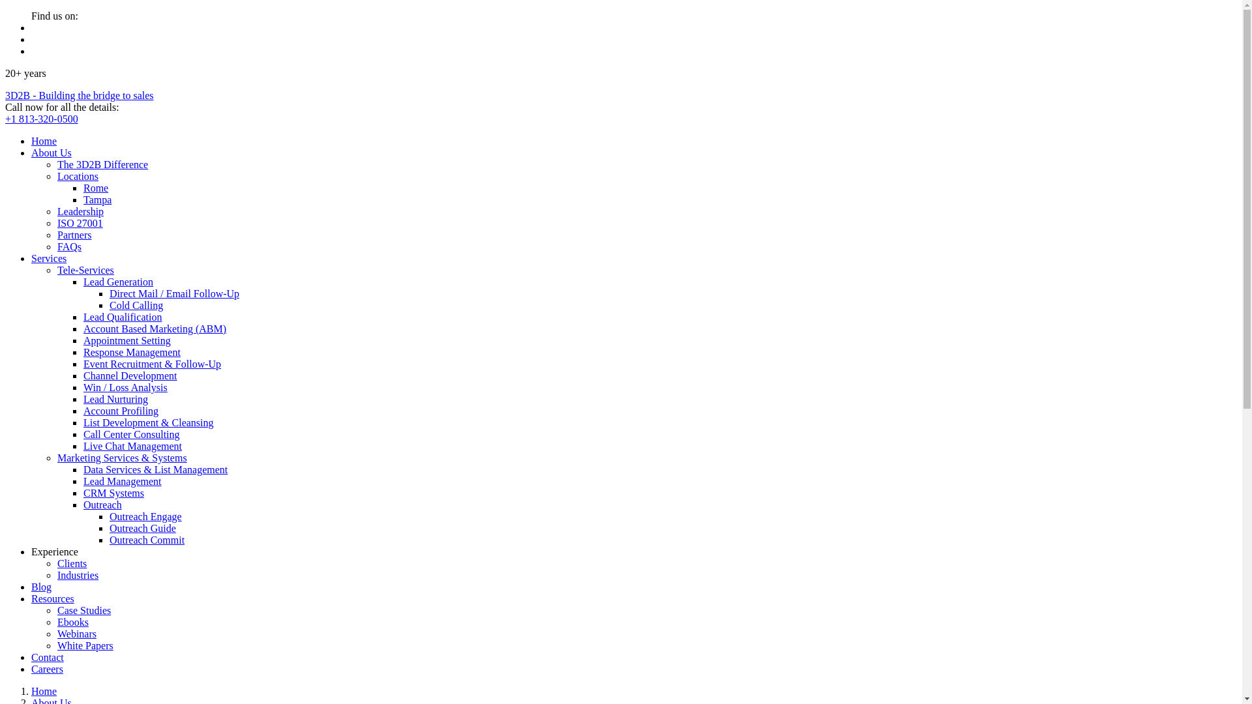  What do you see at coordinates (147, 540) in the screenshot?
I see `'Outreach Commit'` at bounding box center [147, 540].